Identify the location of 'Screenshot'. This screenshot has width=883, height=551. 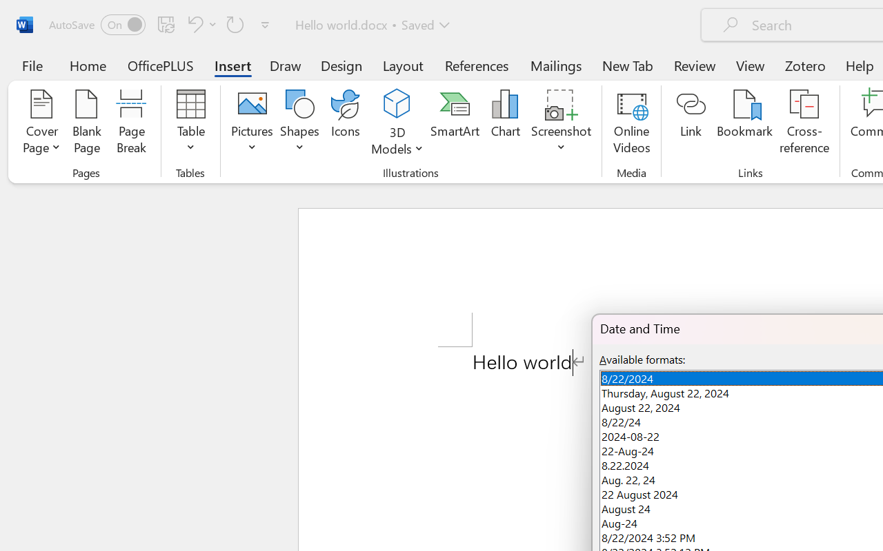
(562, 123).